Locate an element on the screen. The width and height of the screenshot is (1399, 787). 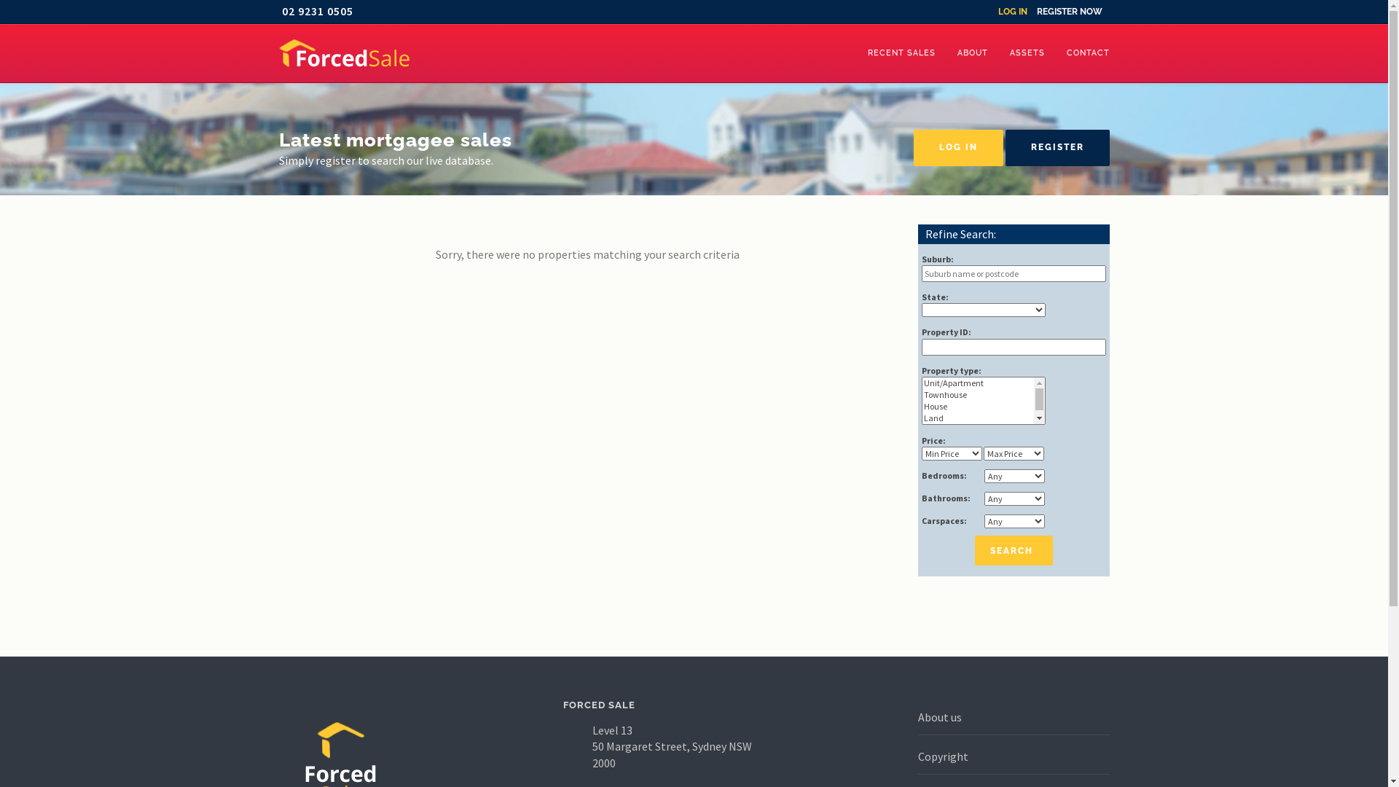
'RECENT SALES' is located at coordinates (901, 52).